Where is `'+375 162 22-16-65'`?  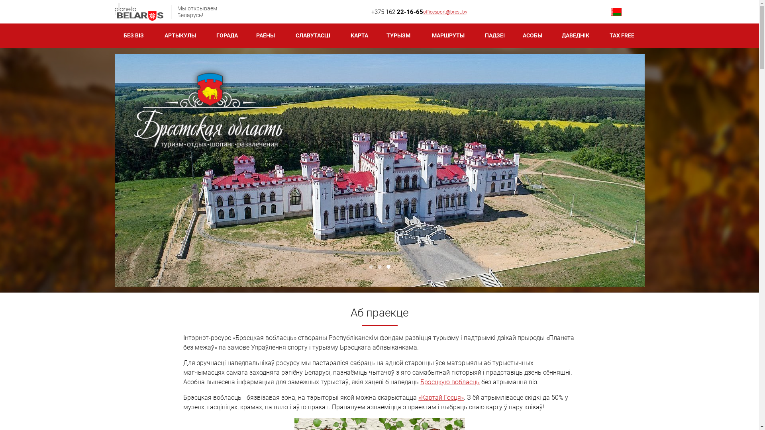 '+375 162 22-16-65' is located at coordinates (371, 12).